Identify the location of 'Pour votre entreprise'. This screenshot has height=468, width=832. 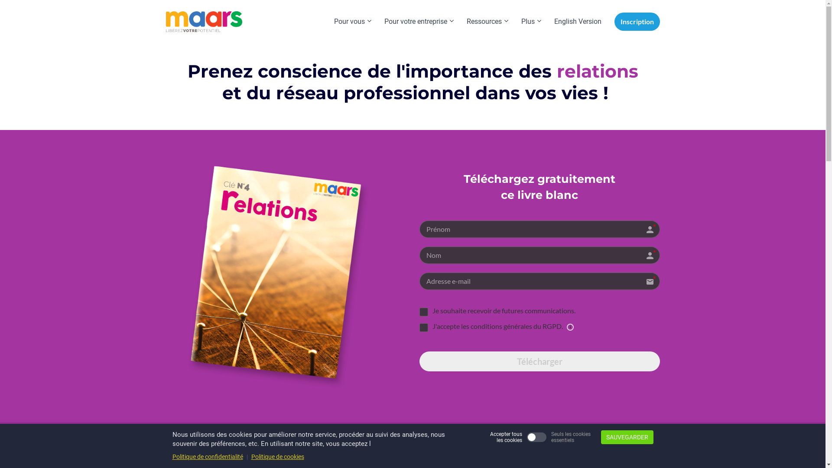
(378, 21).